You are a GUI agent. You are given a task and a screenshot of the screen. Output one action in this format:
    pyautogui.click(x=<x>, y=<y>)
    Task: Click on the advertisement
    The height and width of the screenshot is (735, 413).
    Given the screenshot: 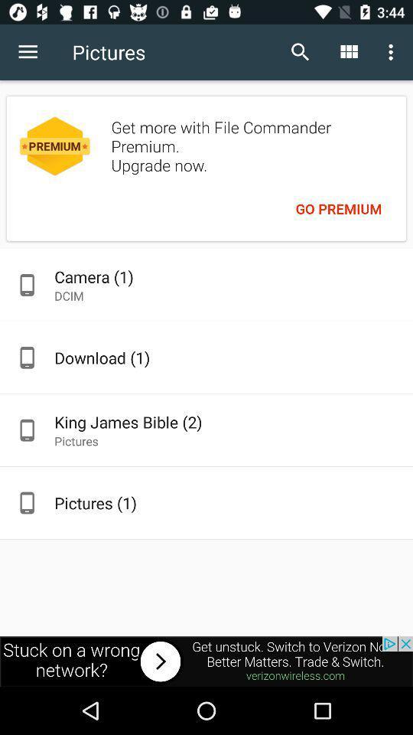 What is the action you would take?
    pyautogui.click(x=206, y=661)
    